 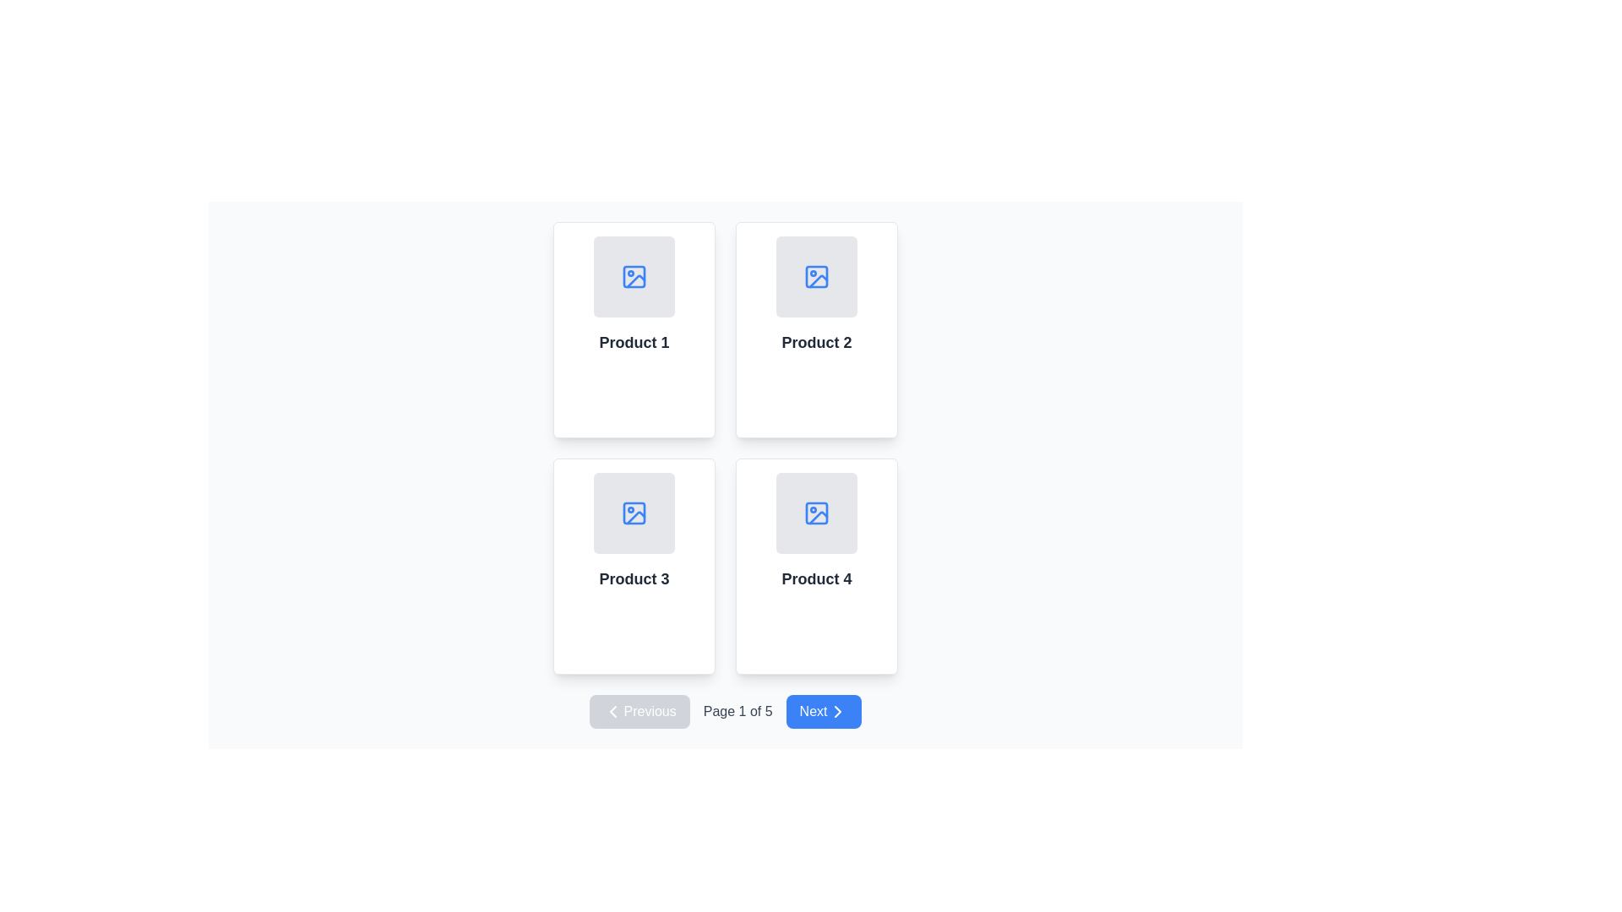 I want to click on the blue SVG icon depicting an image, which is centered within the gray square of the 'Product 4' card in the bottom-right of the 2x2 grid layout, so click(x=816, y=513).